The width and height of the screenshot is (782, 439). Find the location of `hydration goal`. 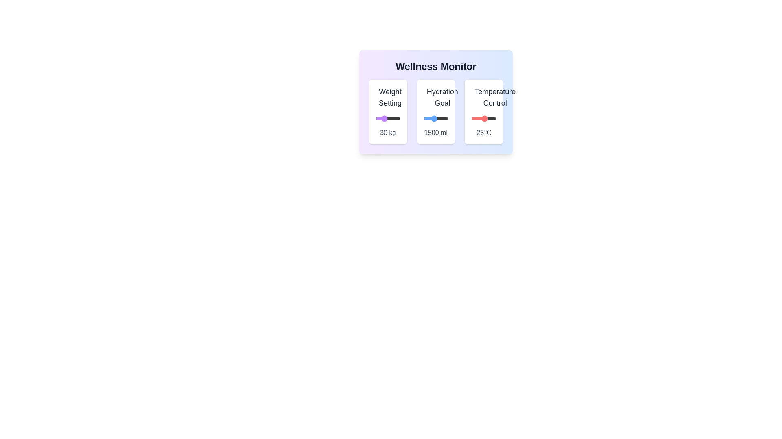

hydration goal is located at coordinates (435, 119).